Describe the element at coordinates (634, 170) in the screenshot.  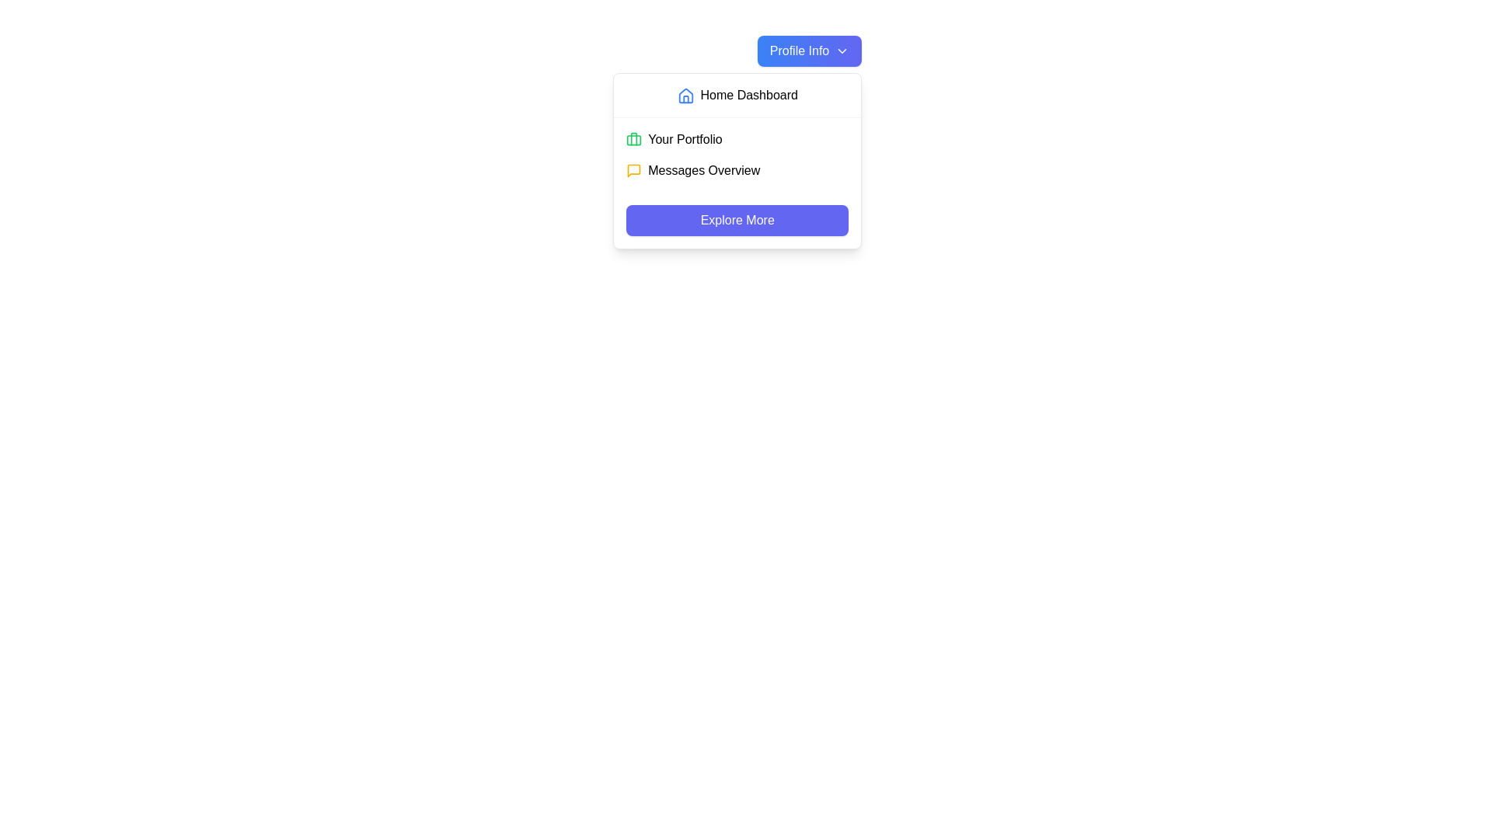
I see `the yellow speech bubble icon located in the dropdown menu, positioned to the left of the 'Messages Overview' text label` at that location.